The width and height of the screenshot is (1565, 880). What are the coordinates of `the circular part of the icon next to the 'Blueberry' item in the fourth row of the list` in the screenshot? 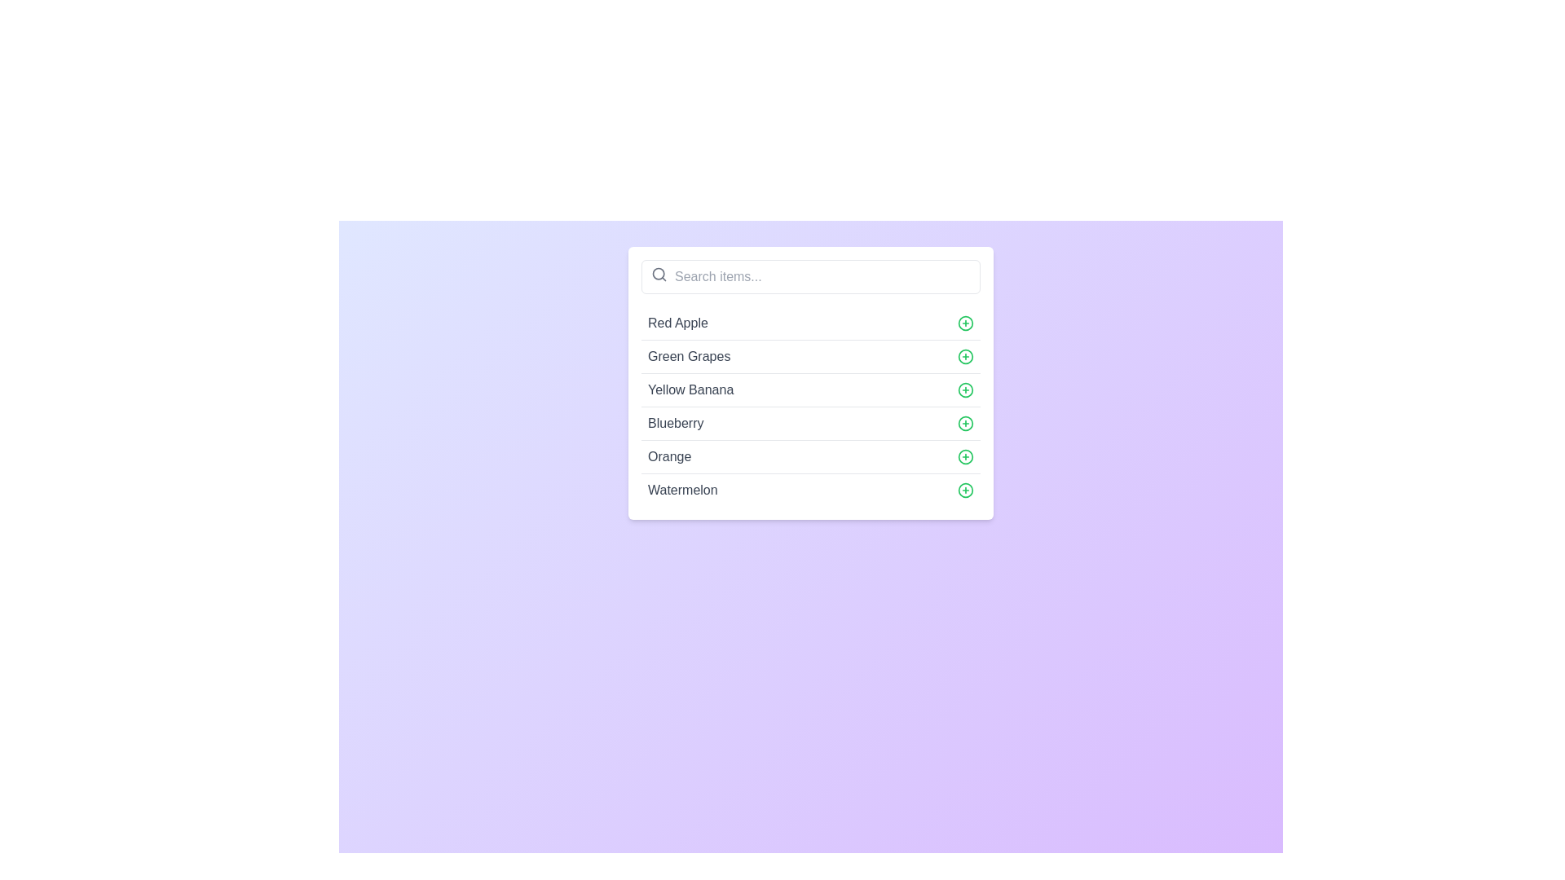 It's located at (966, 422).